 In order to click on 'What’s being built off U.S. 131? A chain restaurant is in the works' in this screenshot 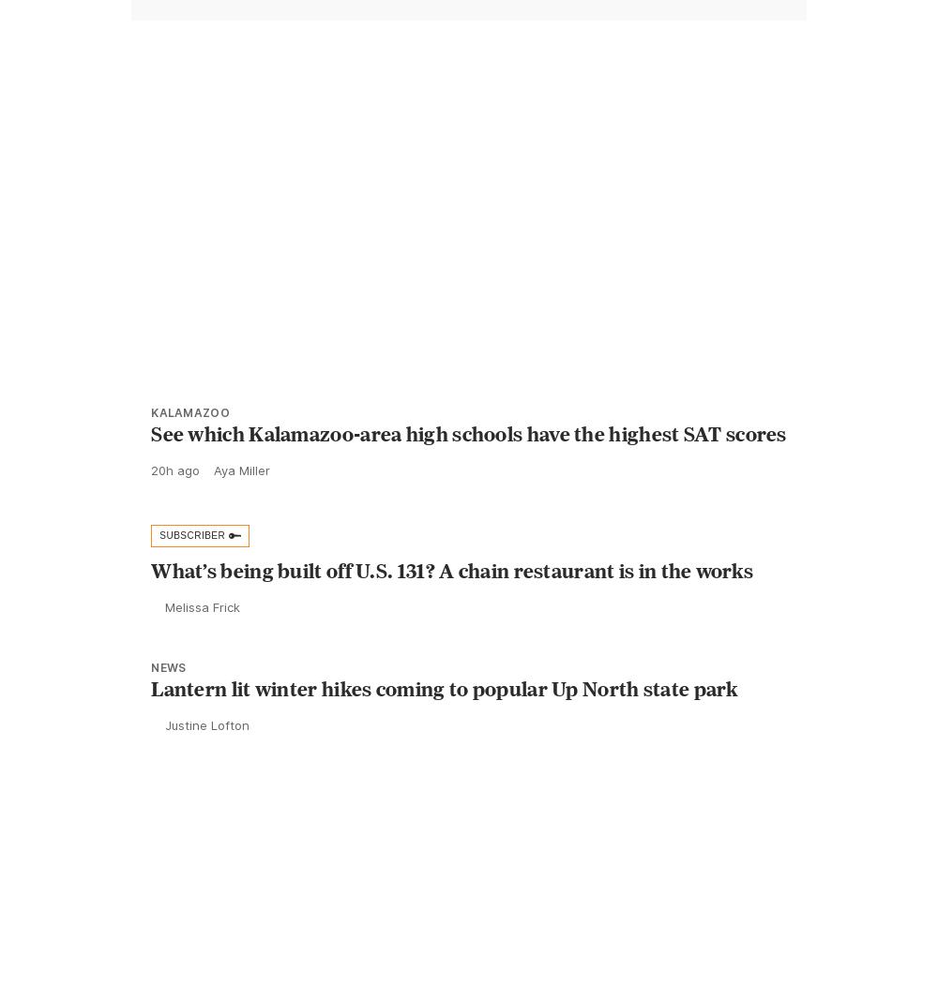, I will do `click(451, 611)`.